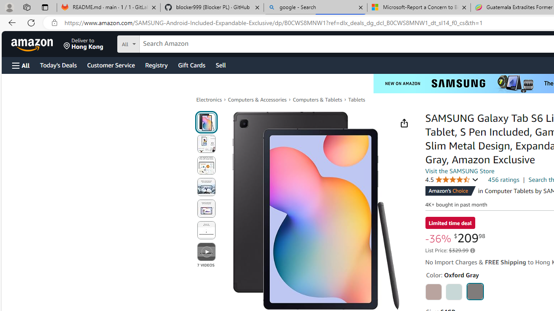 The image size is (554, 311). I want to click on 'Today', so click(58, 64).